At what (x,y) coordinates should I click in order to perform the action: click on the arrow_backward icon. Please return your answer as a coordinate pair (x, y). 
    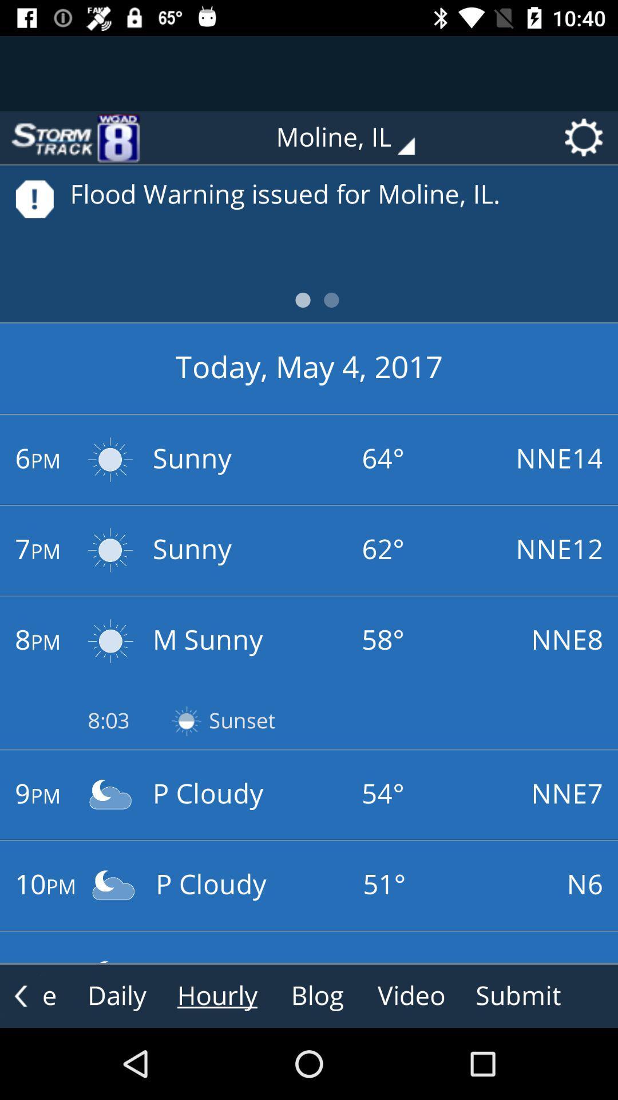
    Looking at the image, I should click on (21, 995).